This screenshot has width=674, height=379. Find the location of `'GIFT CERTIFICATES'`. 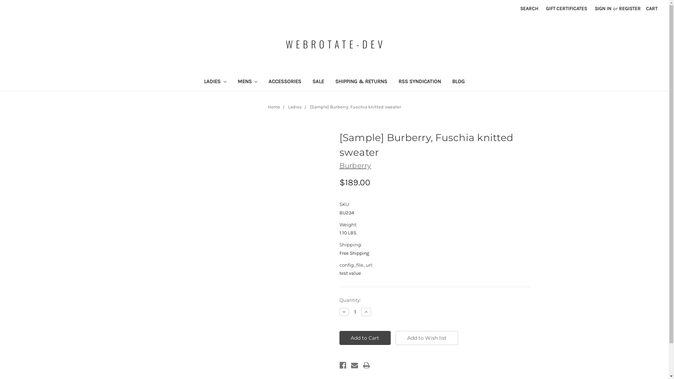

'GIFT CERTIFICATES' is located at coordinates (566, 8).